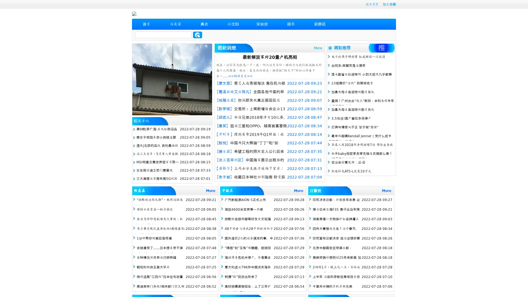 The width and height of the screenshot is (528, 297). Describe the element at coordinates (197, 35) in the screenshot. I see `Search` at that location.